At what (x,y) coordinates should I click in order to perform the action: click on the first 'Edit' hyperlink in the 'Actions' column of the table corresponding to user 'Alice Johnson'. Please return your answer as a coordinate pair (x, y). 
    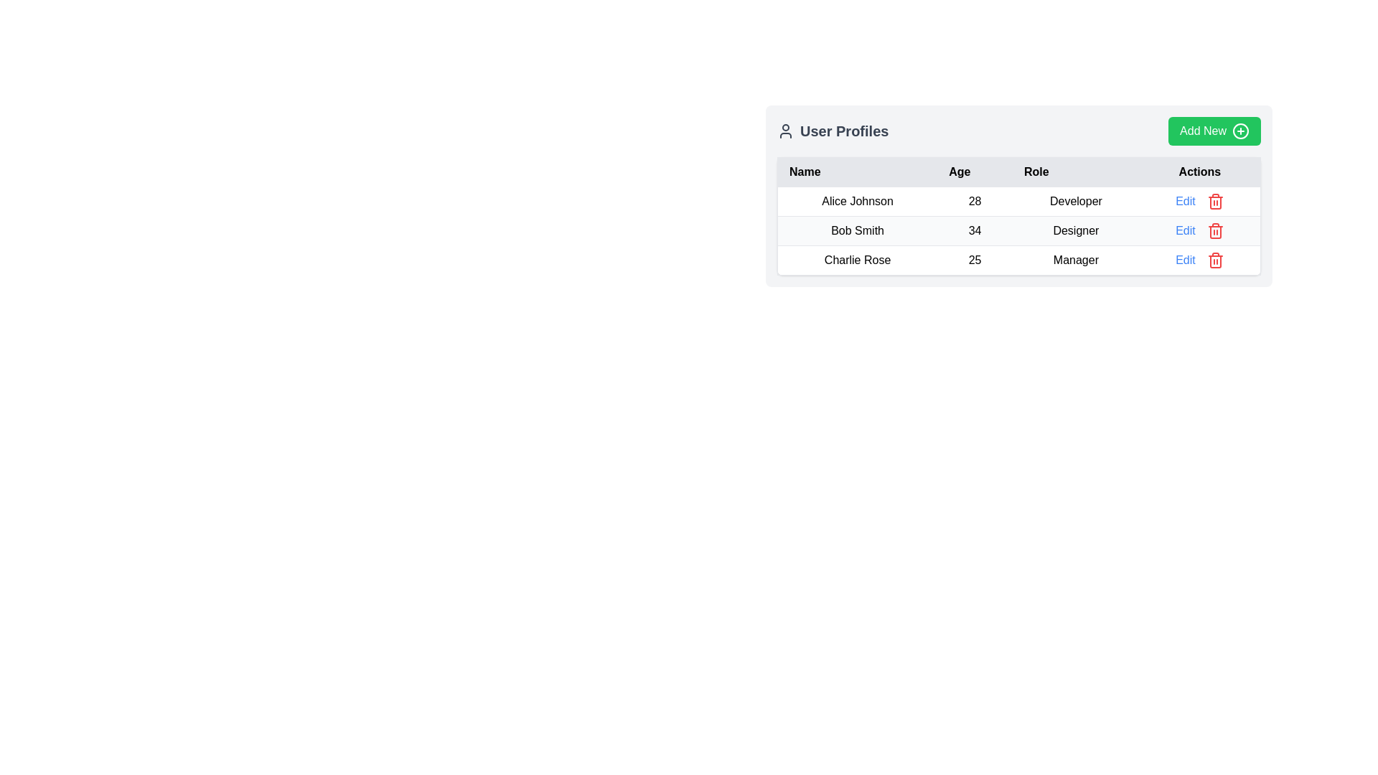
    Looking at the image, I should click on (1185, 202).